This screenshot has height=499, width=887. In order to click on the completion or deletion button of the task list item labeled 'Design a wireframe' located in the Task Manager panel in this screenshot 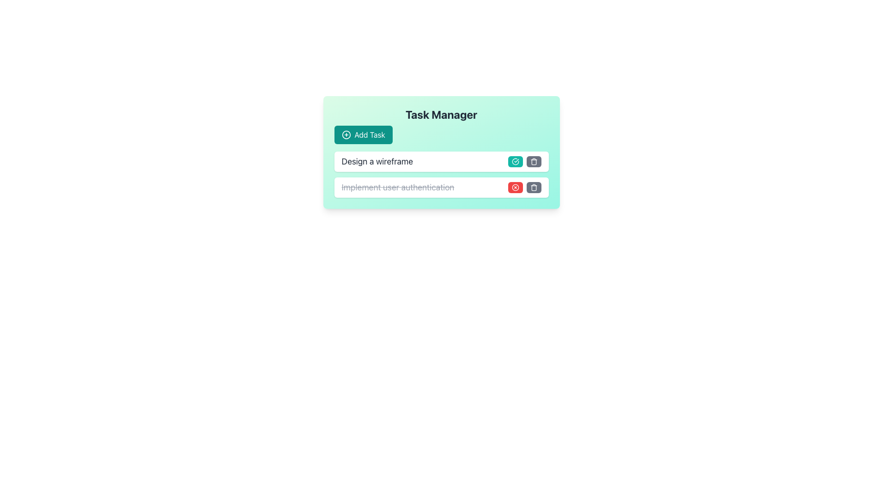, I will do `click(441, 175)`.